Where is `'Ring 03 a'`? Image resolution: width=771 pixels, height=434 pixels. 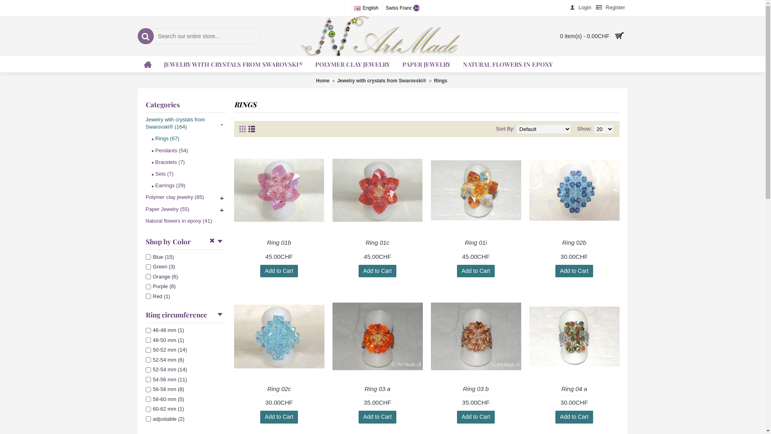 'Ring 03 a' is located at coordinates (377, 388).